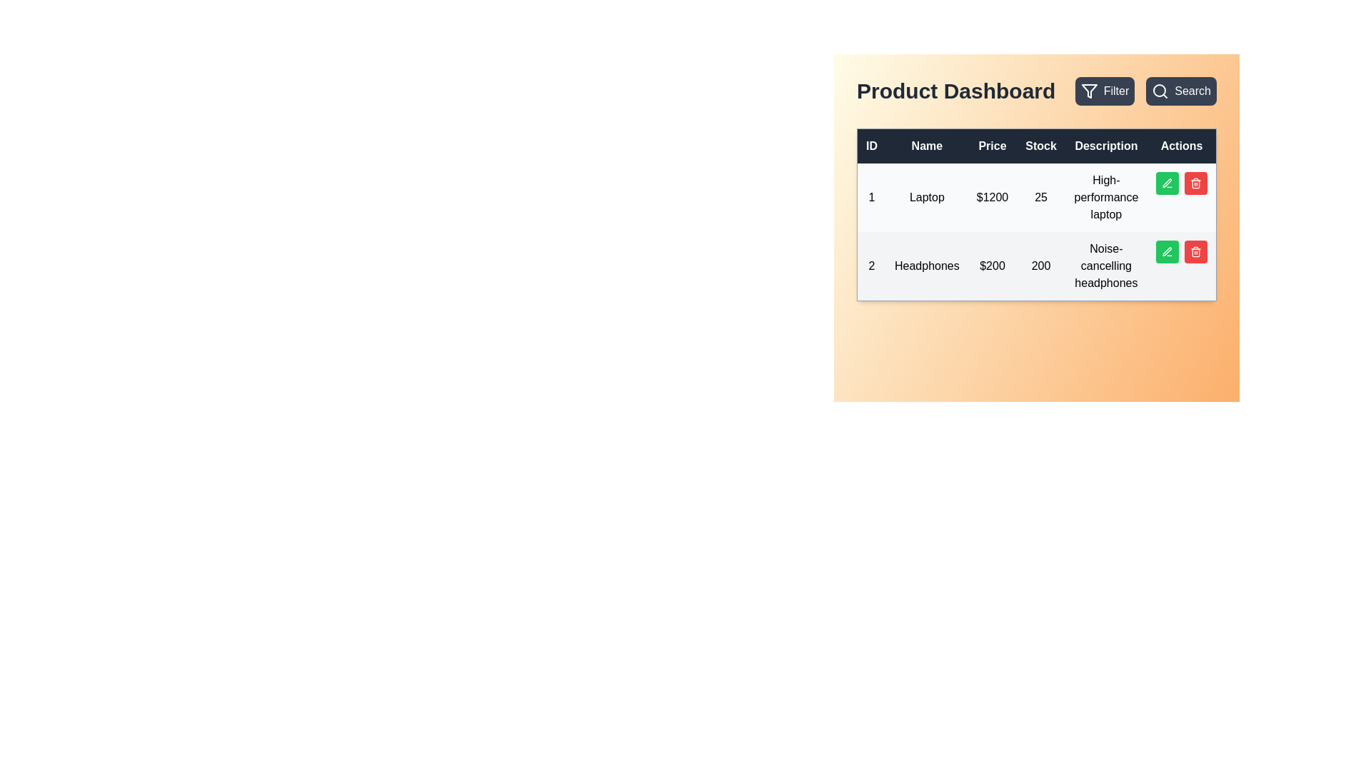 This screenshot has height=771, width=1371. Describe the element at coordinates (1036, 198) in the screenshot. I see `the first table row that contains product information directly under the table header` at that location.